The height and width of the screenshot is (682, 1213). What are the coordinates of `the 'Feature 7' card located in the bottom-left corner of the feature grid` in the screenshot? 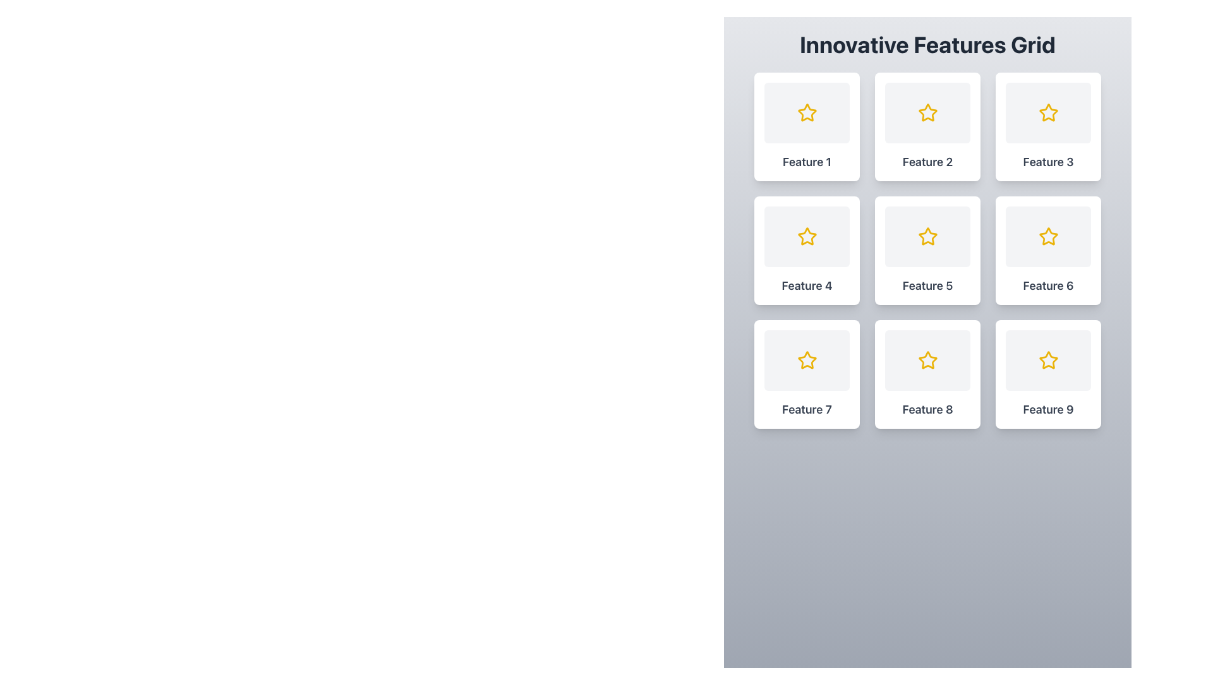 It's located at (806, 374).